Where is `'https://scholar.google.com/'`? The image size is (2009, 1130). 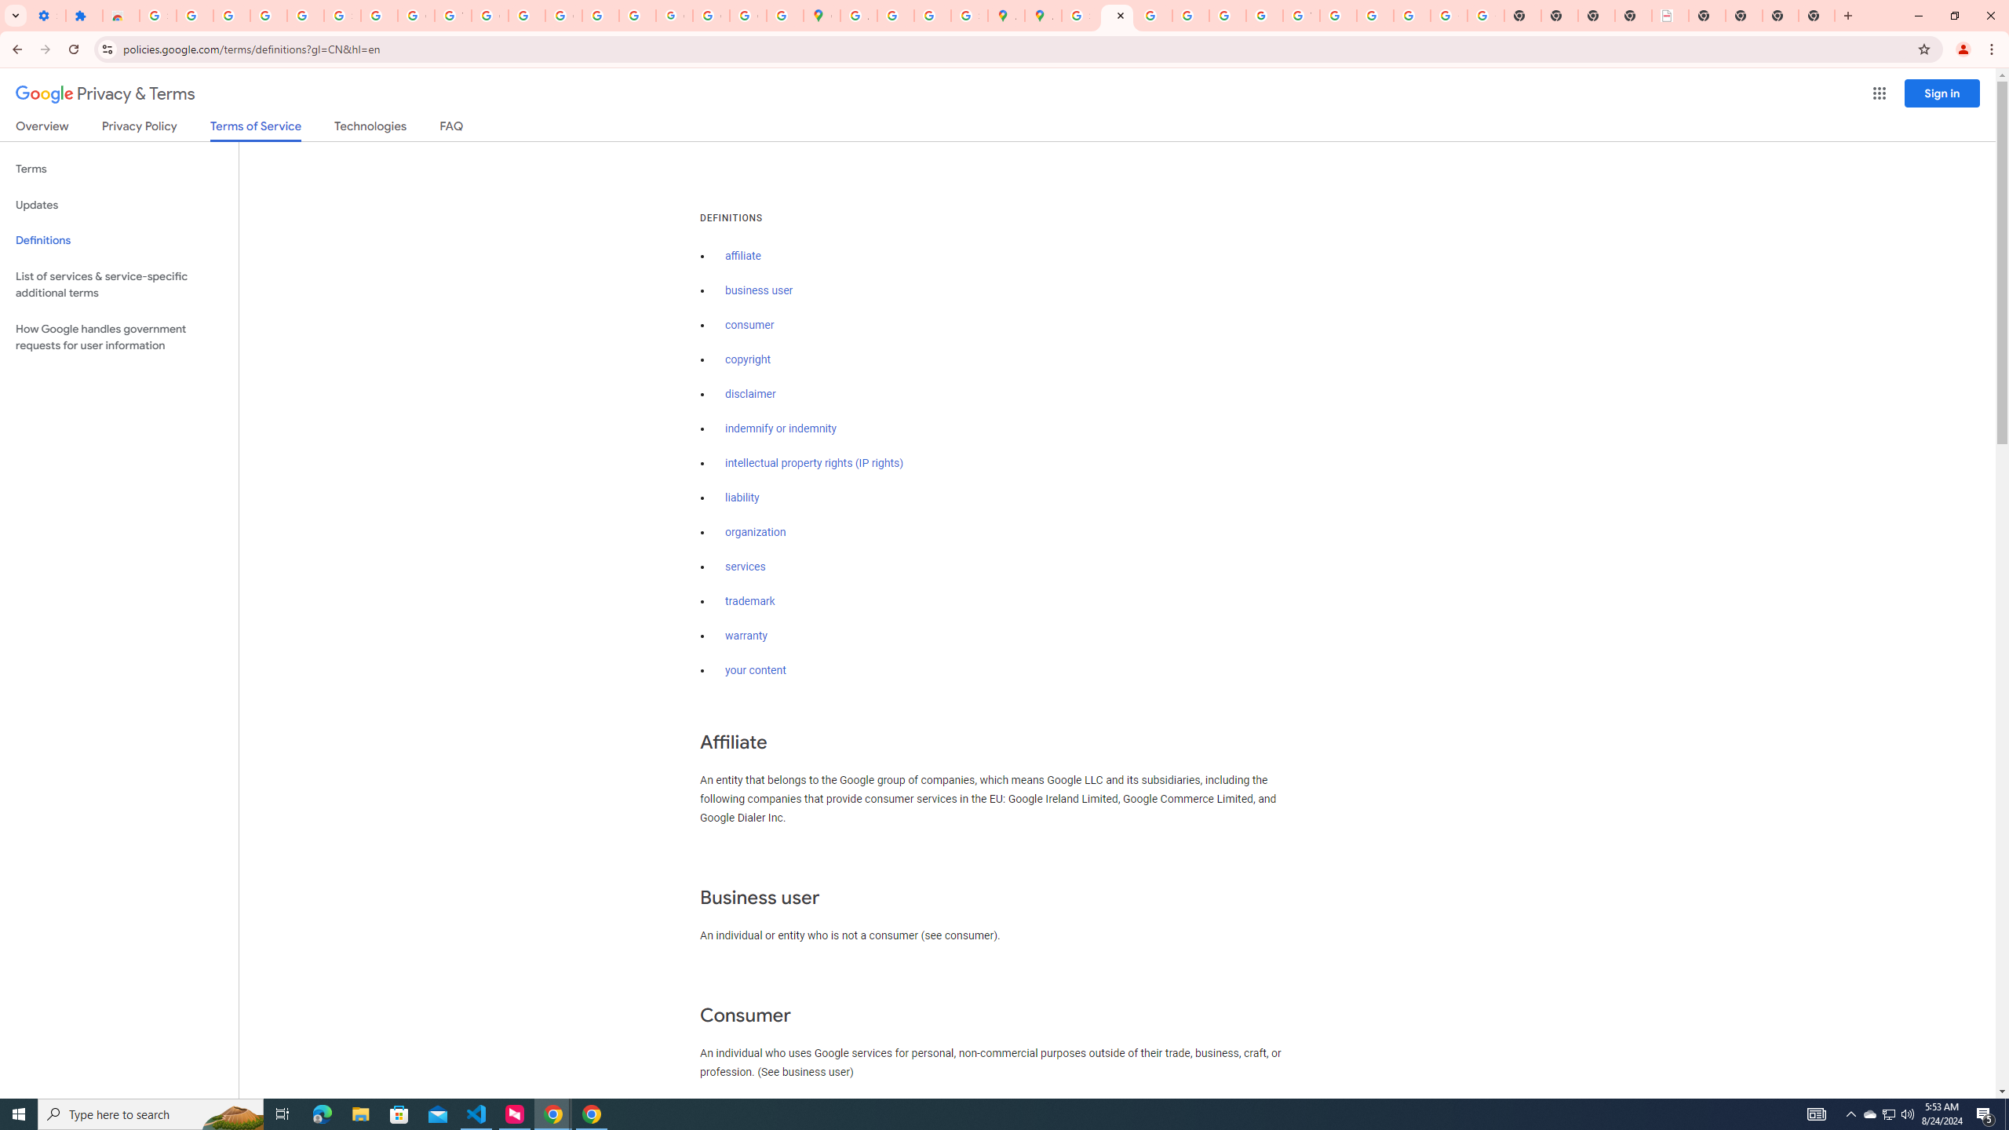
'https://scholar.google.com/' is located at coordinates (527, 15).